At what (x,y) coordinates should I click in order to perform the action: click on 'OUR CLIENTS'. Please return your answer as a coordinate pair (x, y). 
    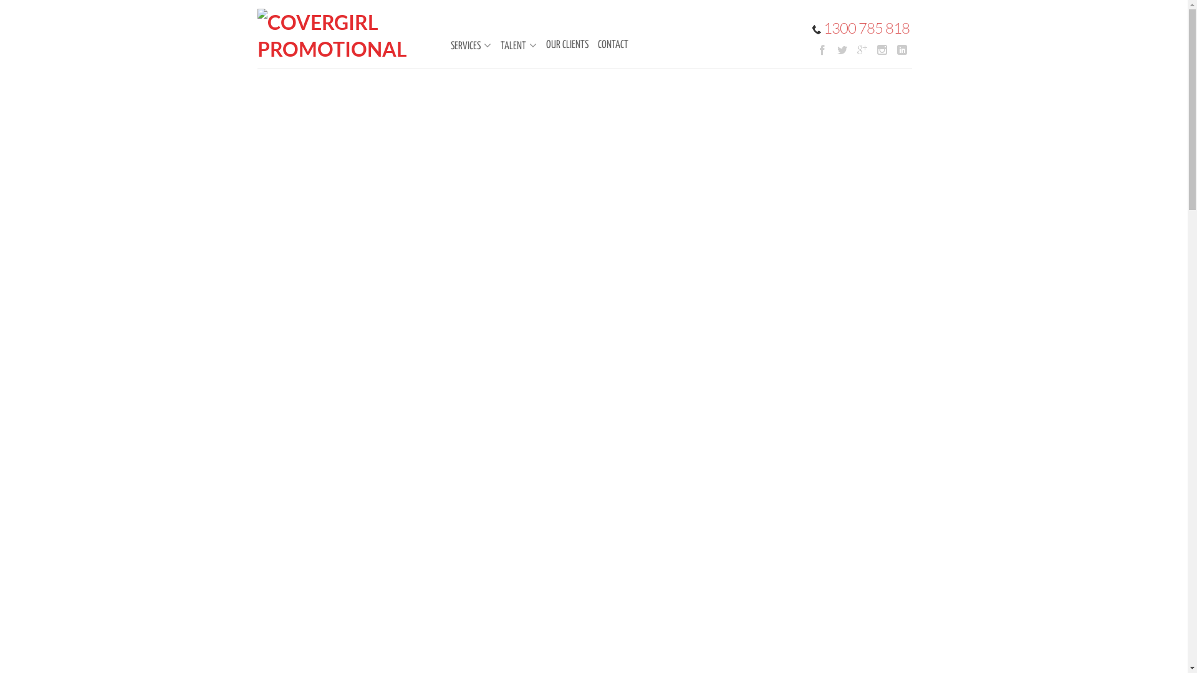
    Looking at the image, I should click on (560, 44).